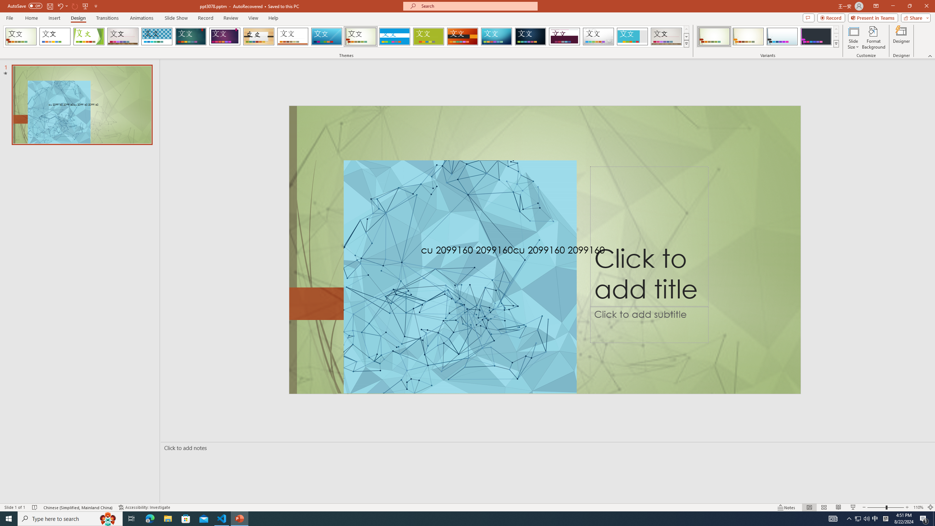 The image size is (935, 526). Describe the element at coordinates (564, 36) in the screenshot. I see `'Dividend'` at that location.